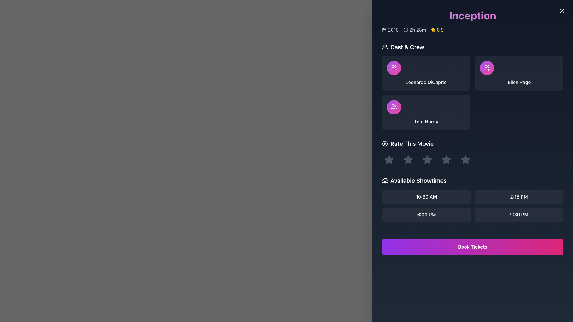  Describe the element at coordinates (427, 160) in the screenshot. I see `the third star in the 'Rate This Movie' section` at that location.